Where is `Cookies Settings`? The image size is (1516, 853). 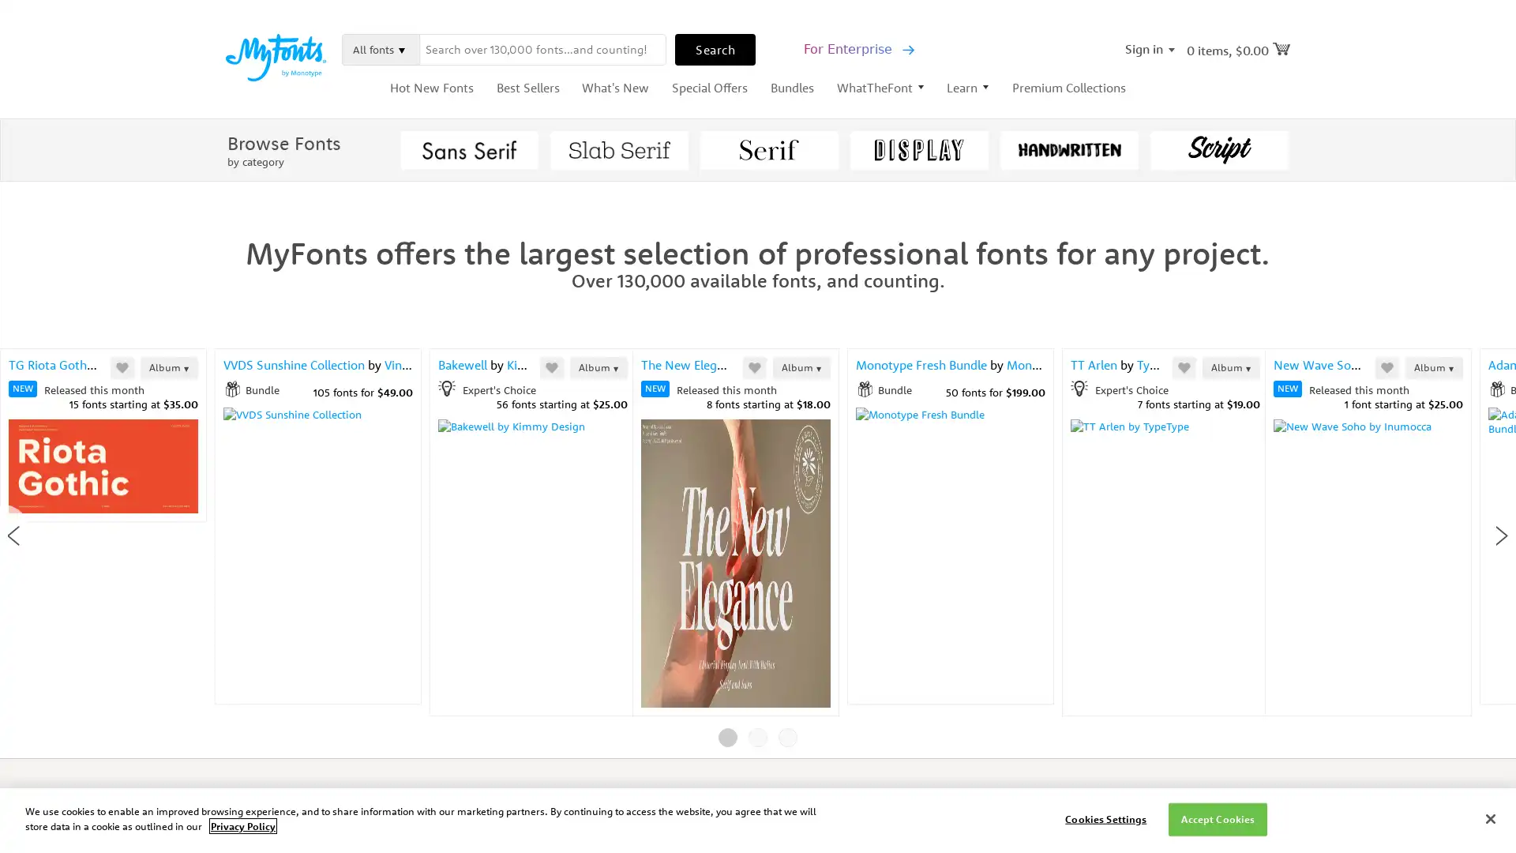 Cookies Settings is located at coordinates (1105, 818).